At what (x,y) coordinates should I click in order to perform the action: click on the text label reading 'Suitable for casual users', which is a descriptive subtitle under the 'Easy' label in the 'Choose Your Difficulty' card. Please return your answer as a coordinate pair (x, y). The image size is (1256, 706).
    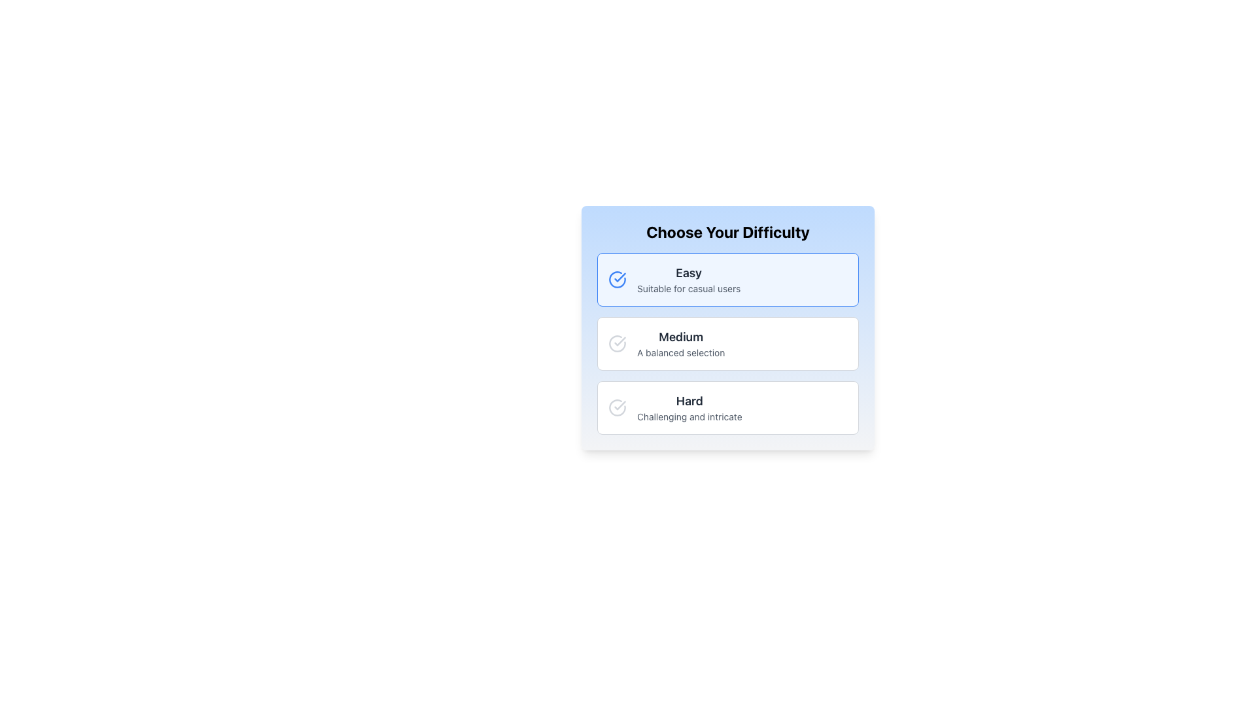
    Looking at the image, I should click on (688, 288).